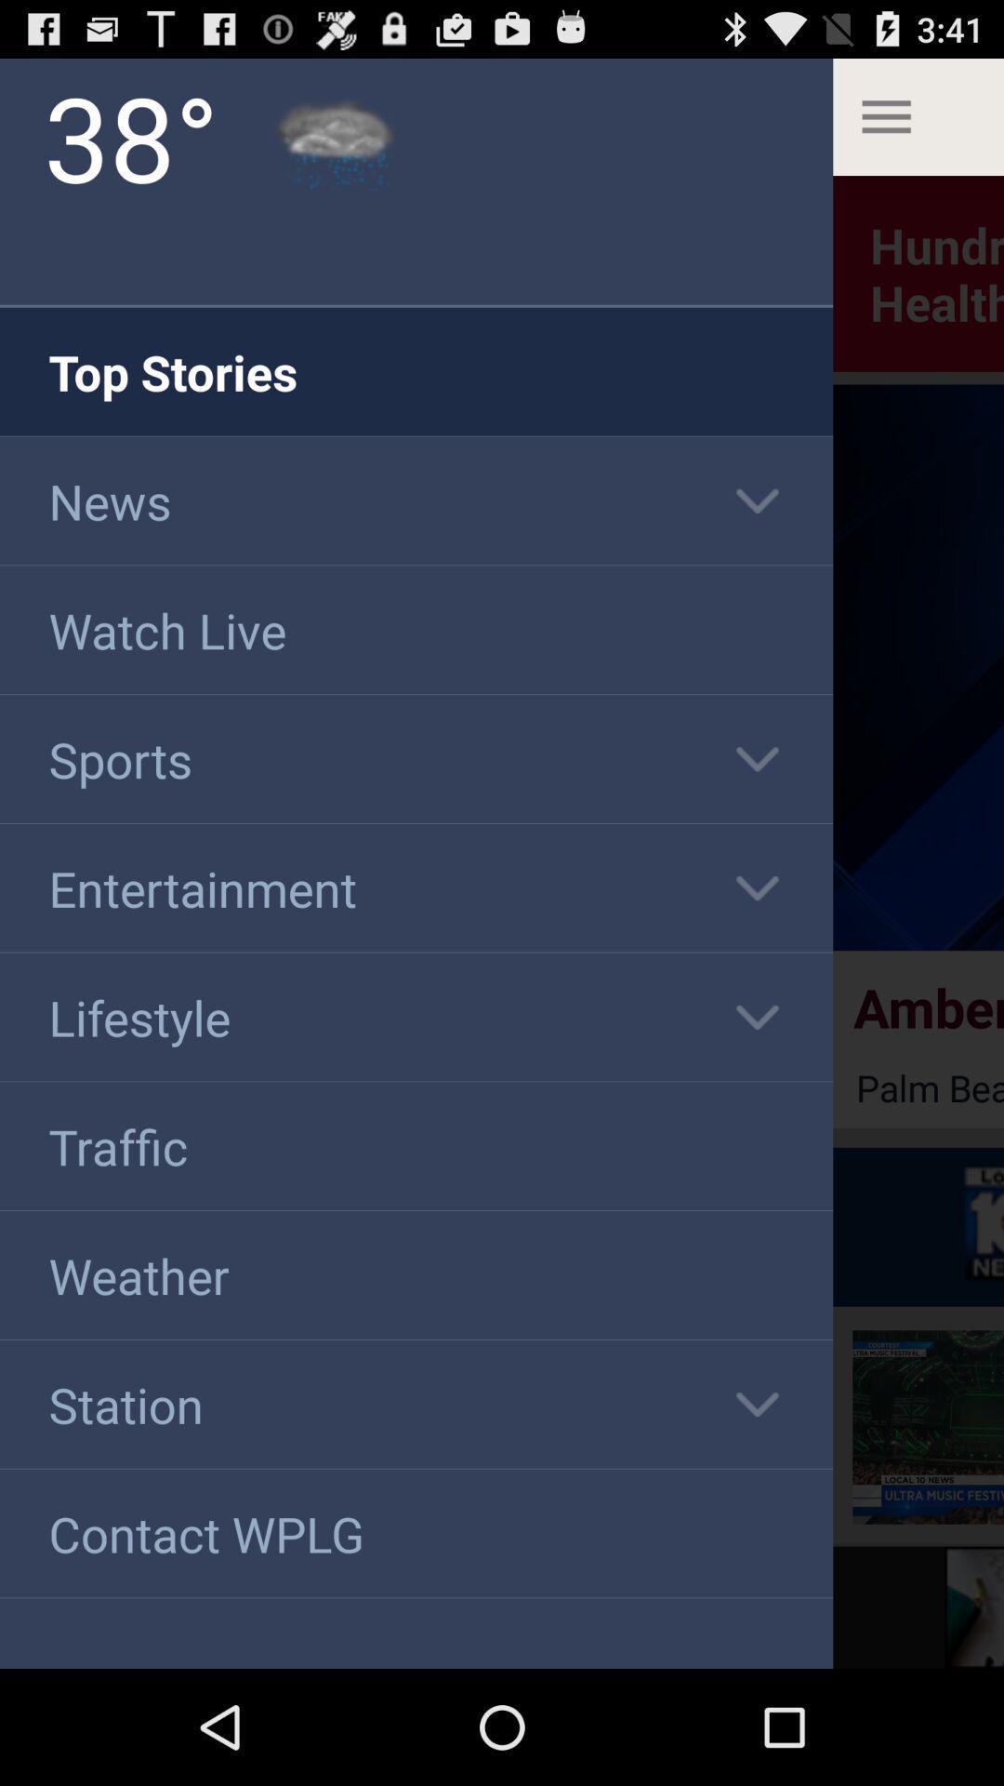  What do you see at coordinates (917, 115) in the screenshot?
I see `the menu bar at right top corner below 341` at bounding box center [917, 115].